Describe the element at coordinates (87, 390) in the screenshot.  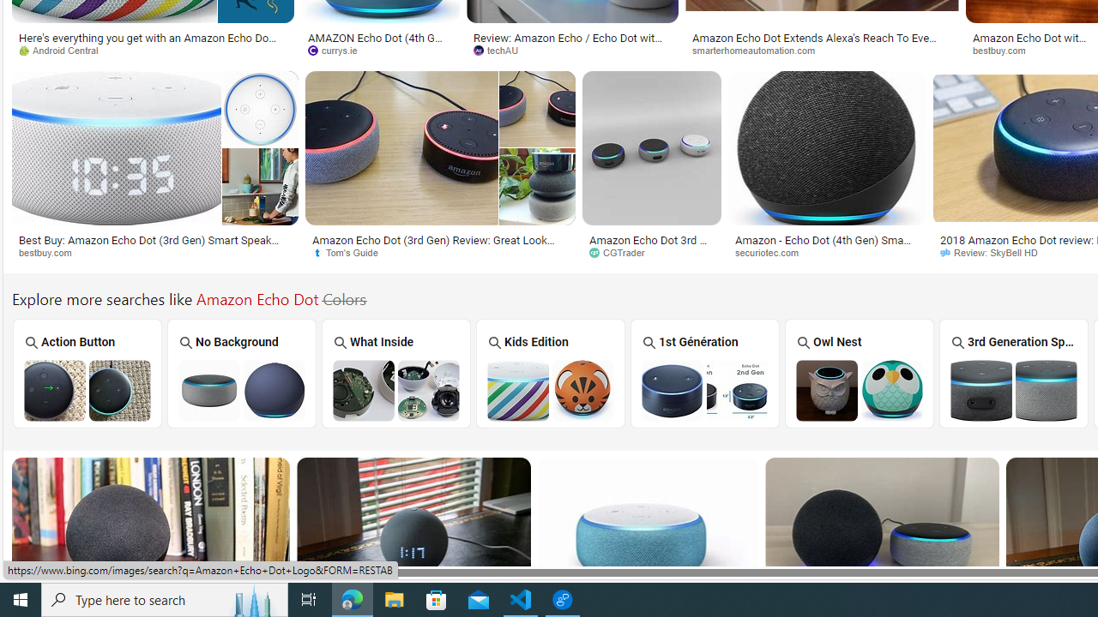
I see `'Amazon Echo Dot Action Button'` at that location.